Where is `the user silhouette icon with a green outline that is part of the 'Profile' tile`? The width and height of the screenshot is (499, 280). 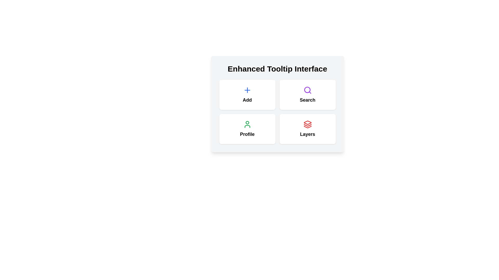
the user silhouette icon with a green outline that is part of the 'Profile' tile is located at coordinates (247, 124).